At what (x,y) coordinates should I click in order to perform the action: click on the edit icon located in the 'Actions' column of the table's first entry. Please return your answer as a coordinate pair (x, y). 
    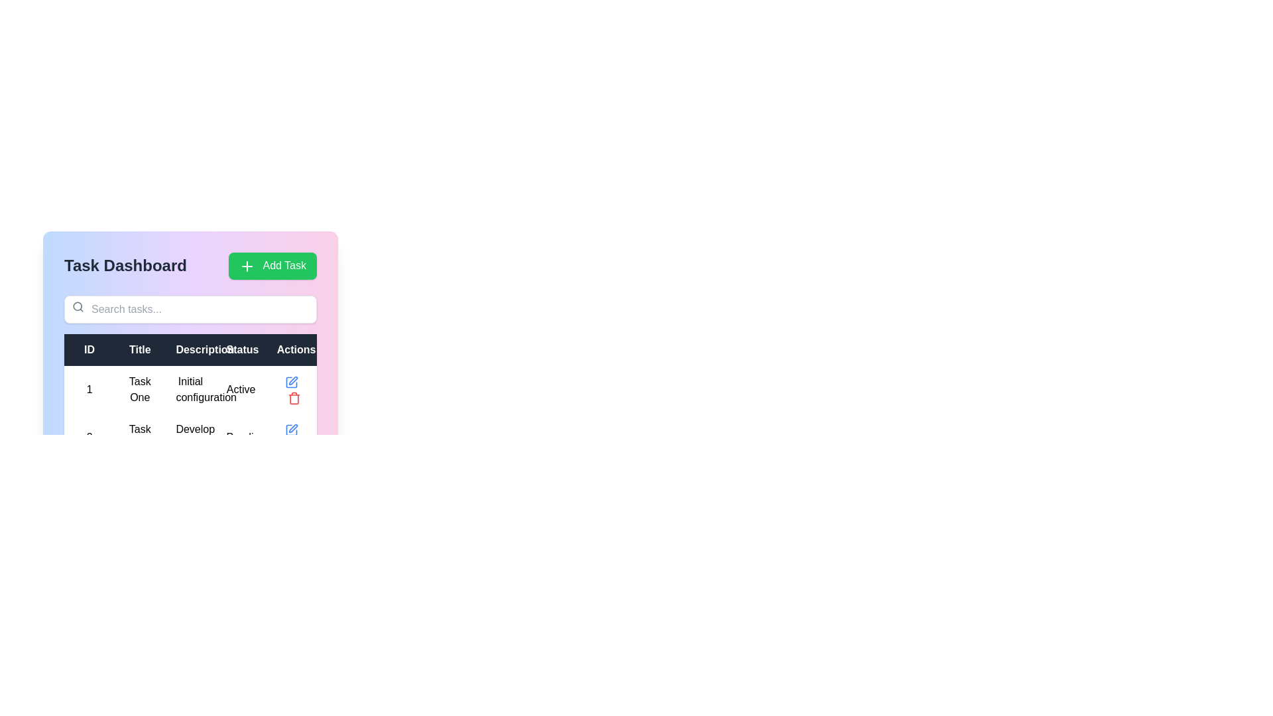
    Looking at the image, I should click on (292, 428).